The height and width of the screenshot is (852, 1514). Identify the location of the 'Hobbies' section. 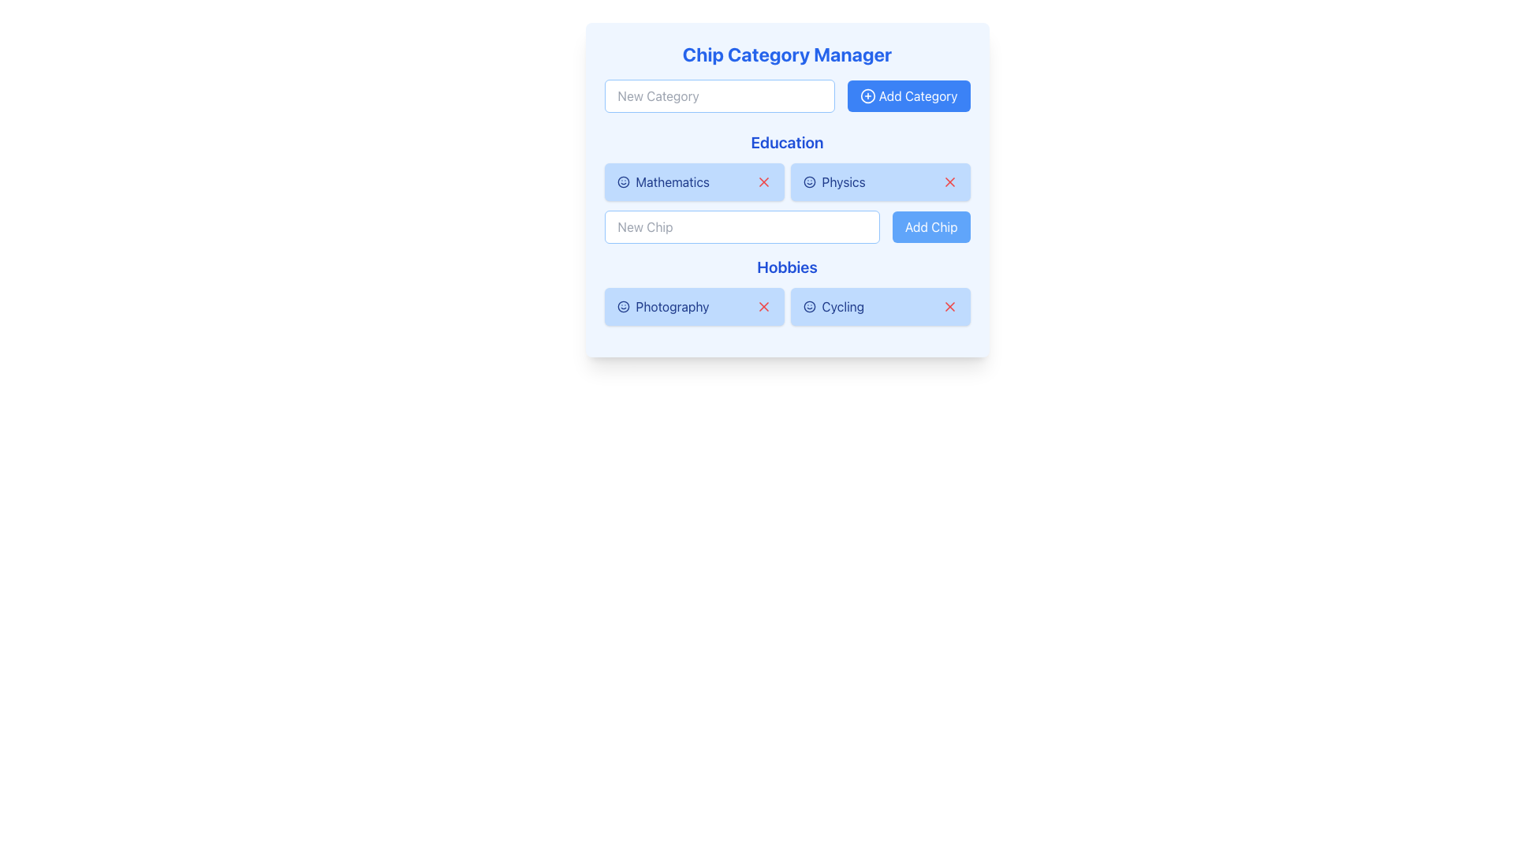
(787, 291).